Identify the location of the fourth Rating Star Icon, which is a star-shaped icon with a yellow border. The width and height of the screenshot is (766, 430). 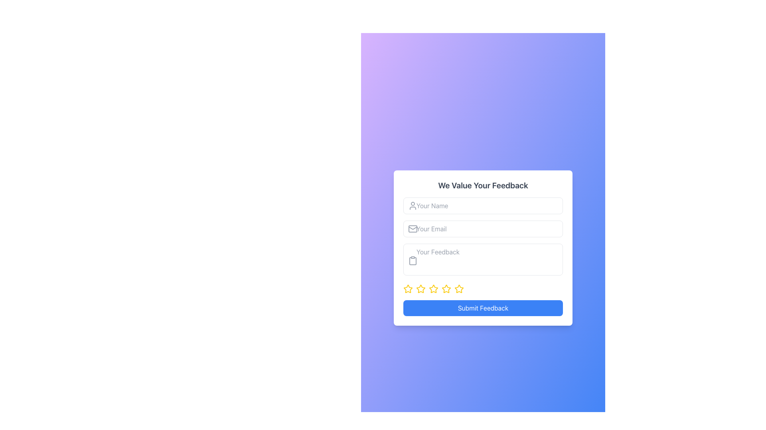
(446, 289).